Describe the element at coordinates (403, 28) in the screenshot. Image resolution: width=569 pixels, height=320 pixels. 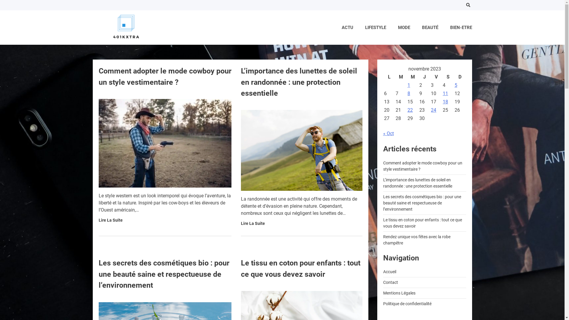
I see `'MODE'` at that location.